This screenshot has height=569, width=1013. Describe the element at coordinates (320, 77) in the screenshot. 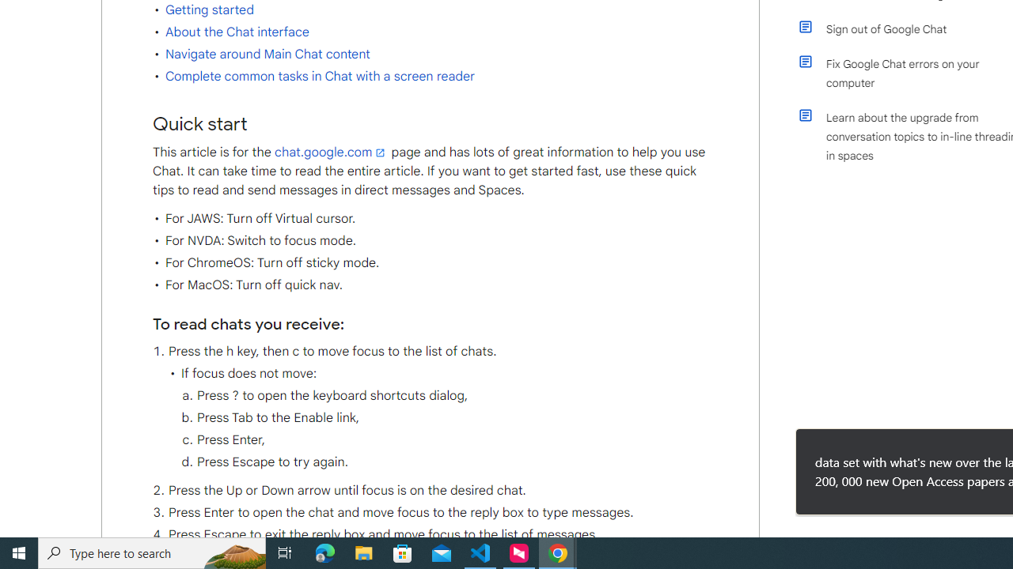

I see `'Complete common tasks in Chat with a screen reader'` at that location.